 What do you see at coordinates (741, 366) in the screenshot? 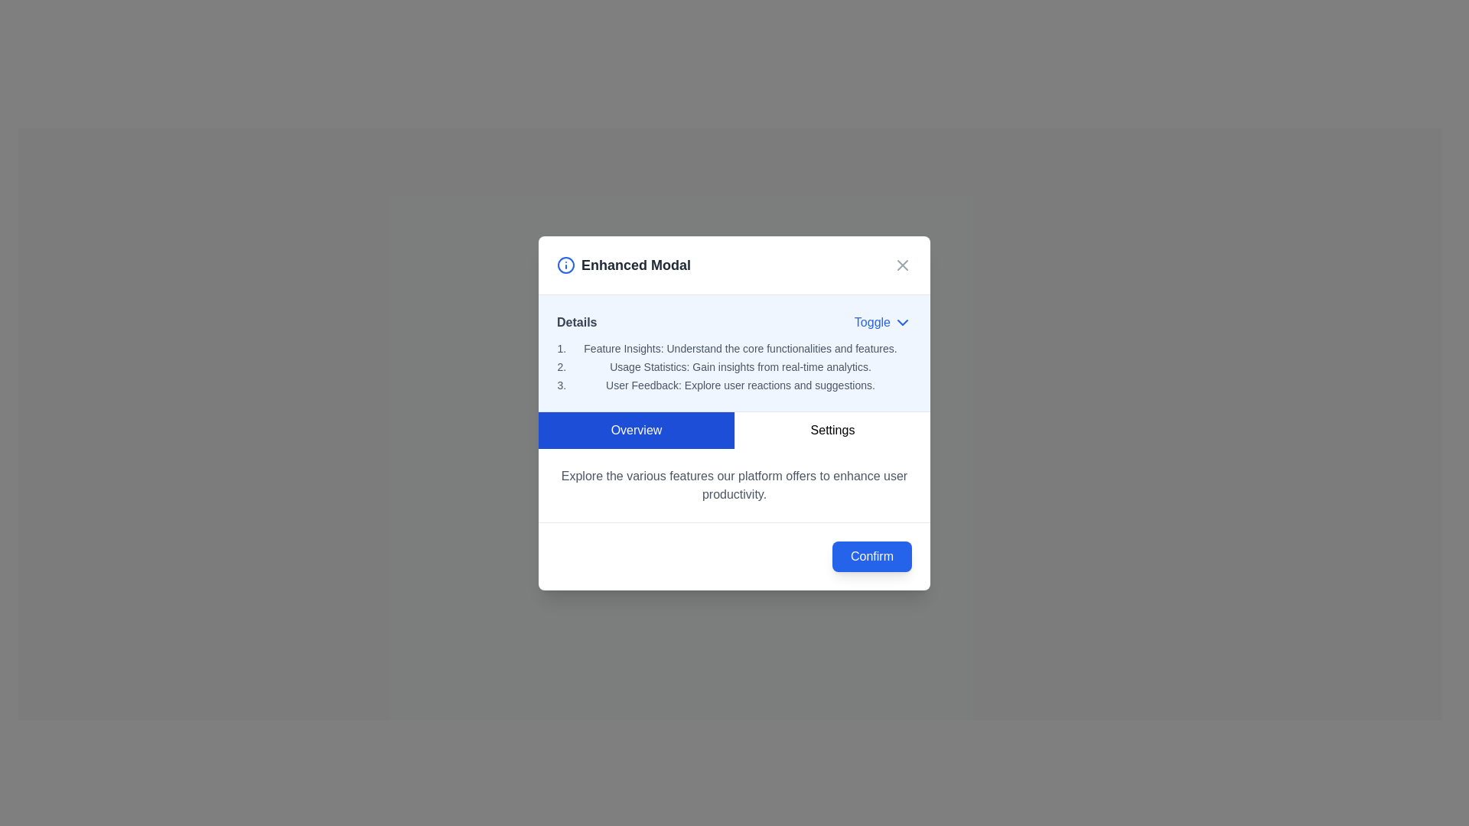
I see `the second item in the 'Details' list of the modal dialog box` at bounding box center [741, 366].